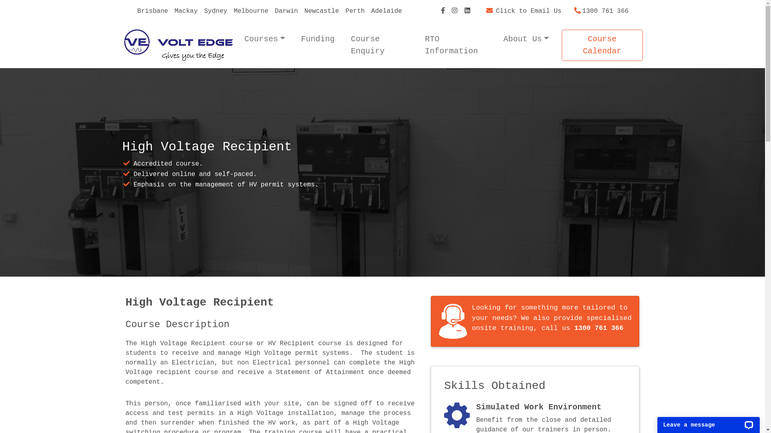 The width and height of the screenshot is (771, 433). What do you see at coordinates (153, 11) in the screenshot?
I see `'Brisbane'` at bounding box center [153, 11].